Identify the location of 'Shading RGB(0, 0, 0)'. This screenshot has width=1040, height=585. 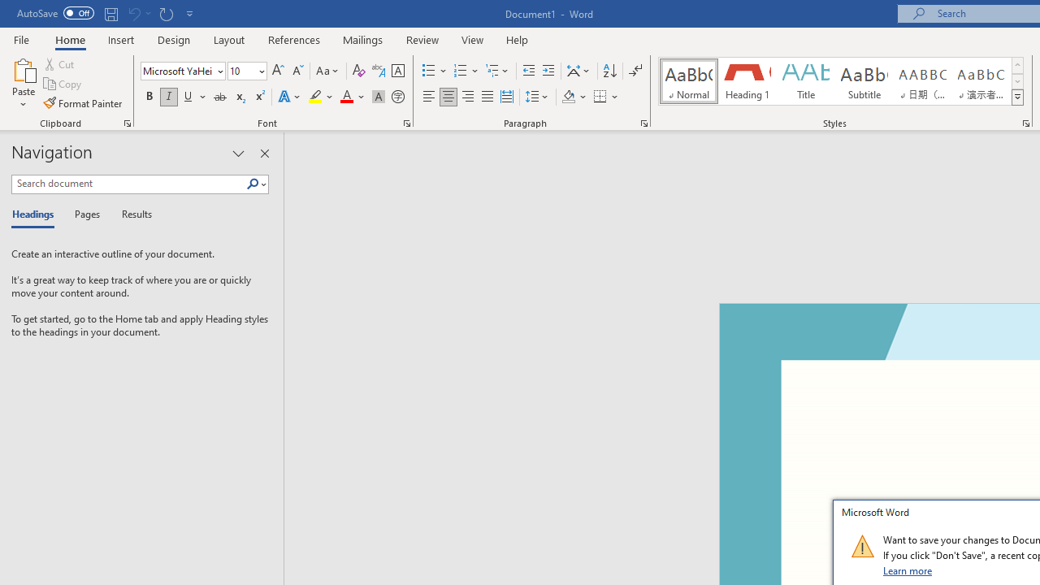
(568, 97).